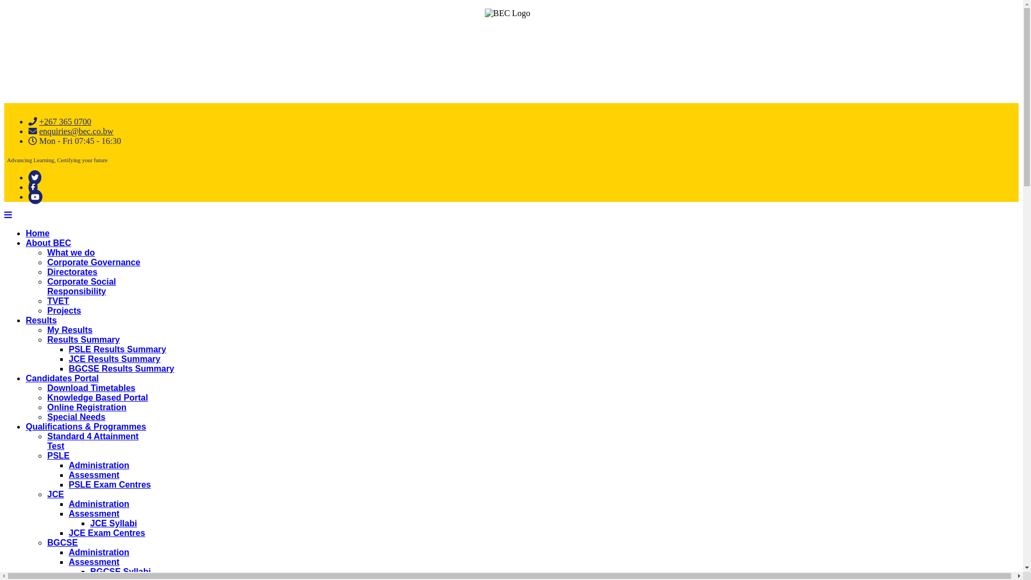 The width and height of the screenshot is (1031, 580). What do you see at coordinates (48, 243) in the screenshot?
I see `'About BEC'` at bounding box center [48, 243].